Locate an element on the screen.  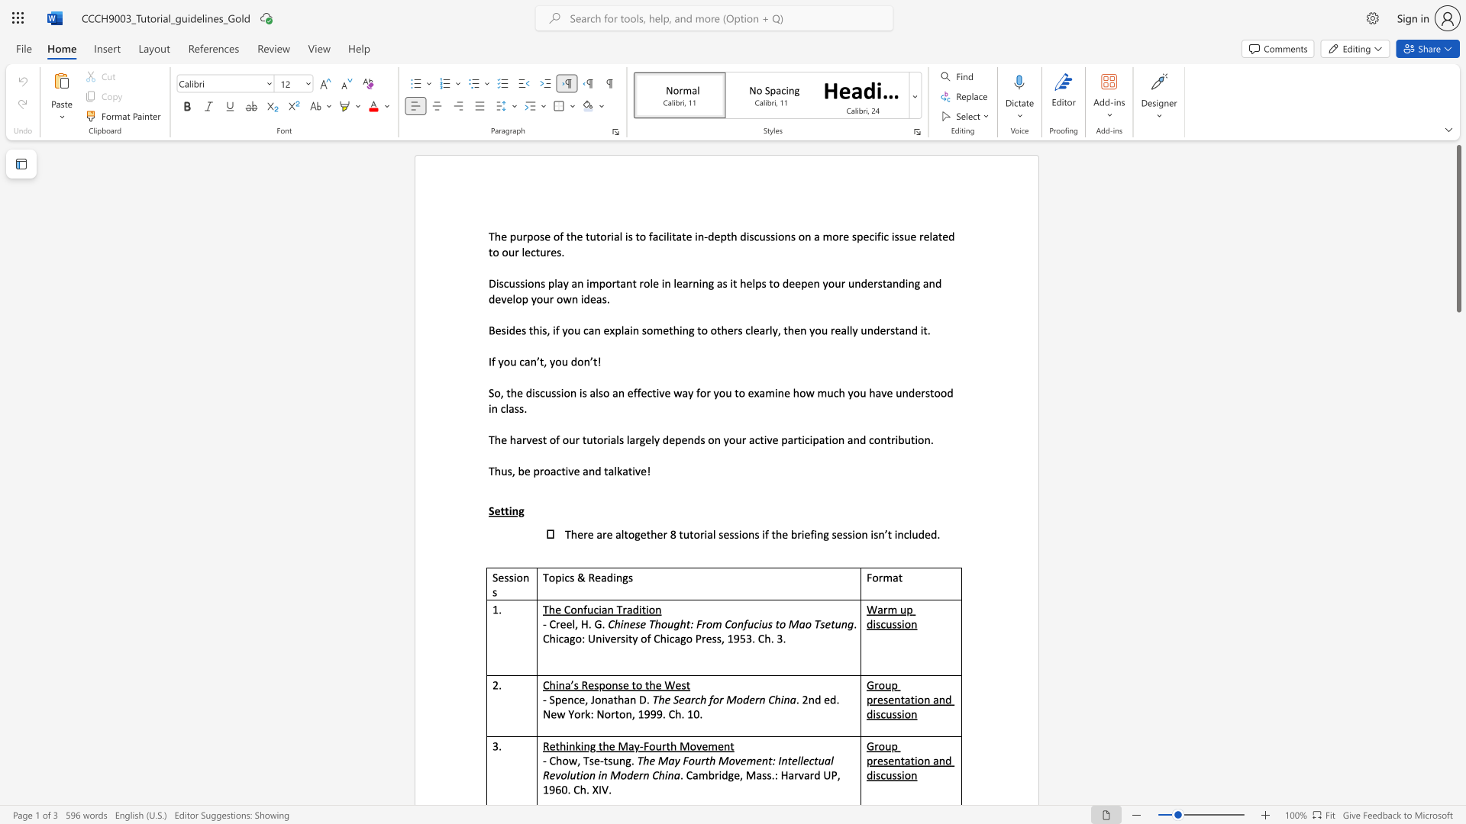
the page's right scrollbar for downward movement is located at coordinates (1458, 762).